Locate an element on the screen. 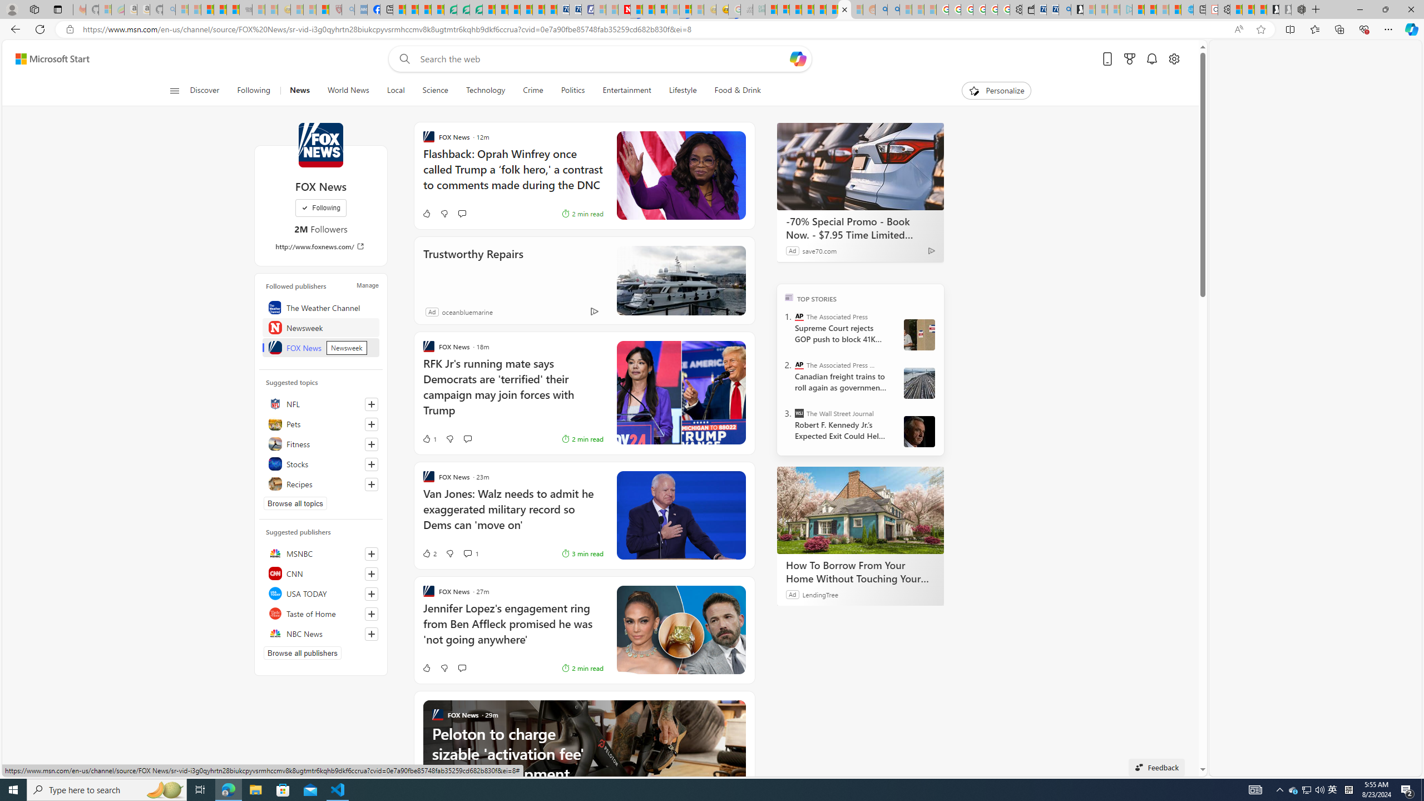 This screenshot has width=1424, height=801. 'Bing Real Estate - Home sales and rental listings' is located at coordinates (1064, 9).